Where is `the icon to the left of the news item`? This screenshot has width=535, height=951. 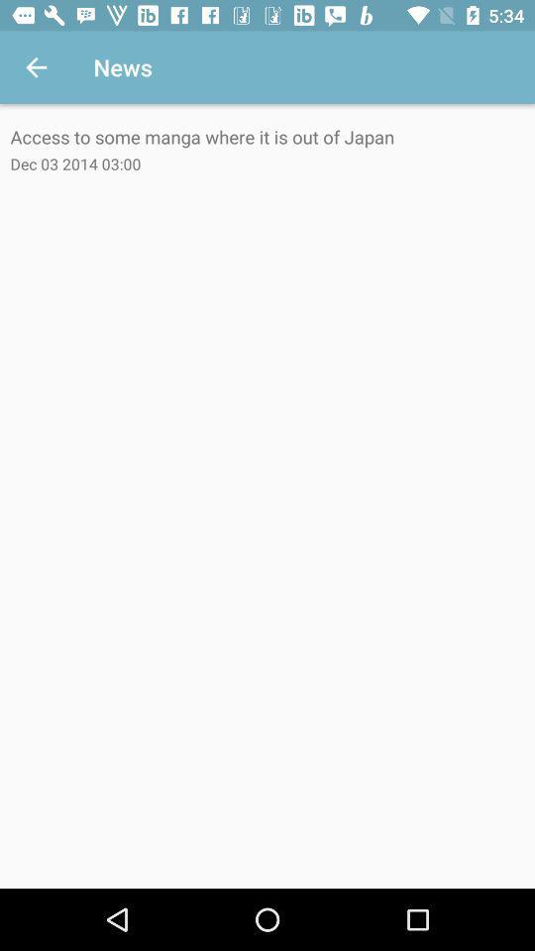 the icon to the left of the news item is located at coordinates (36, 67).